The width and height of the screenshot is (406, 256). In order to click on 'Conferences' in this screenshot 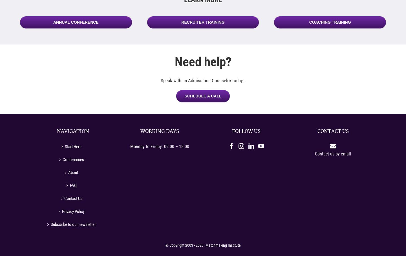, I will do `click(73, 159)`.